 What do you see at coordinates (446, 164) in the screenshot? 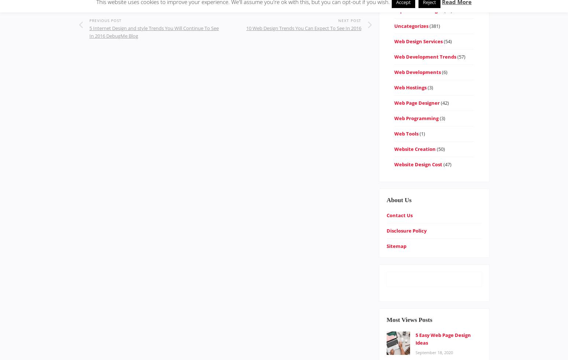
I see `'(47)'` at bounding box center [446, 164].